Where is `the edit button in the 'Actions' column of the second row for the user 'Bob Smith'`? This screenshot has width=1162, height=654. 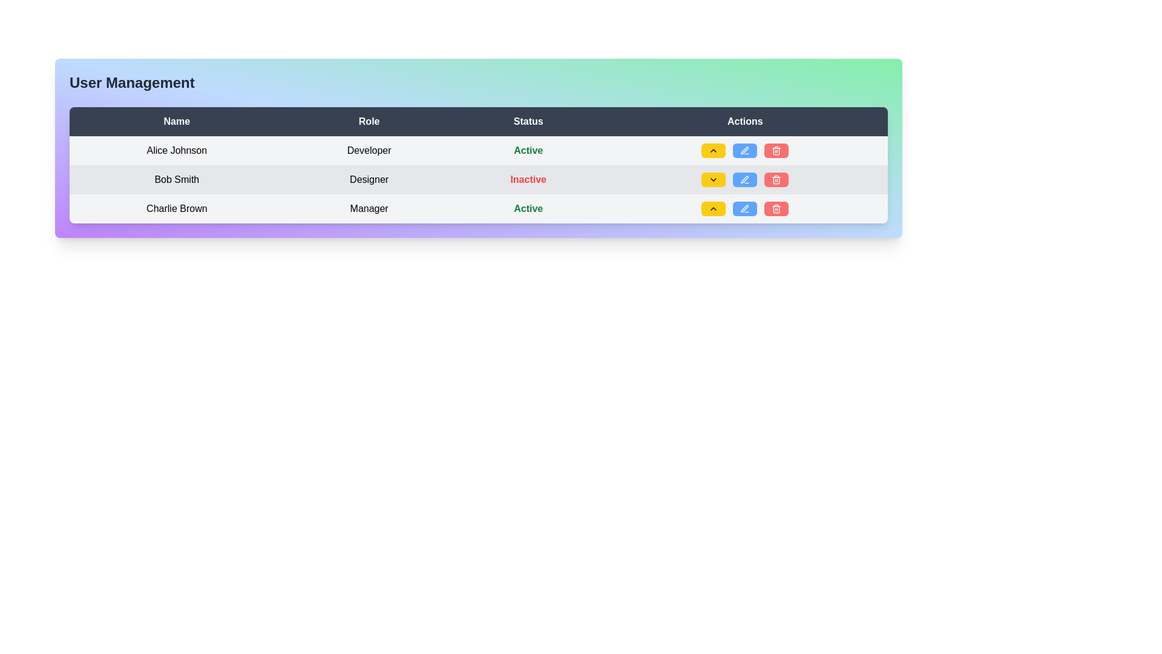
the edit button in the 'Actions' column of the second row for the user 'Bob Smith' is located at coordinates (744, 150).